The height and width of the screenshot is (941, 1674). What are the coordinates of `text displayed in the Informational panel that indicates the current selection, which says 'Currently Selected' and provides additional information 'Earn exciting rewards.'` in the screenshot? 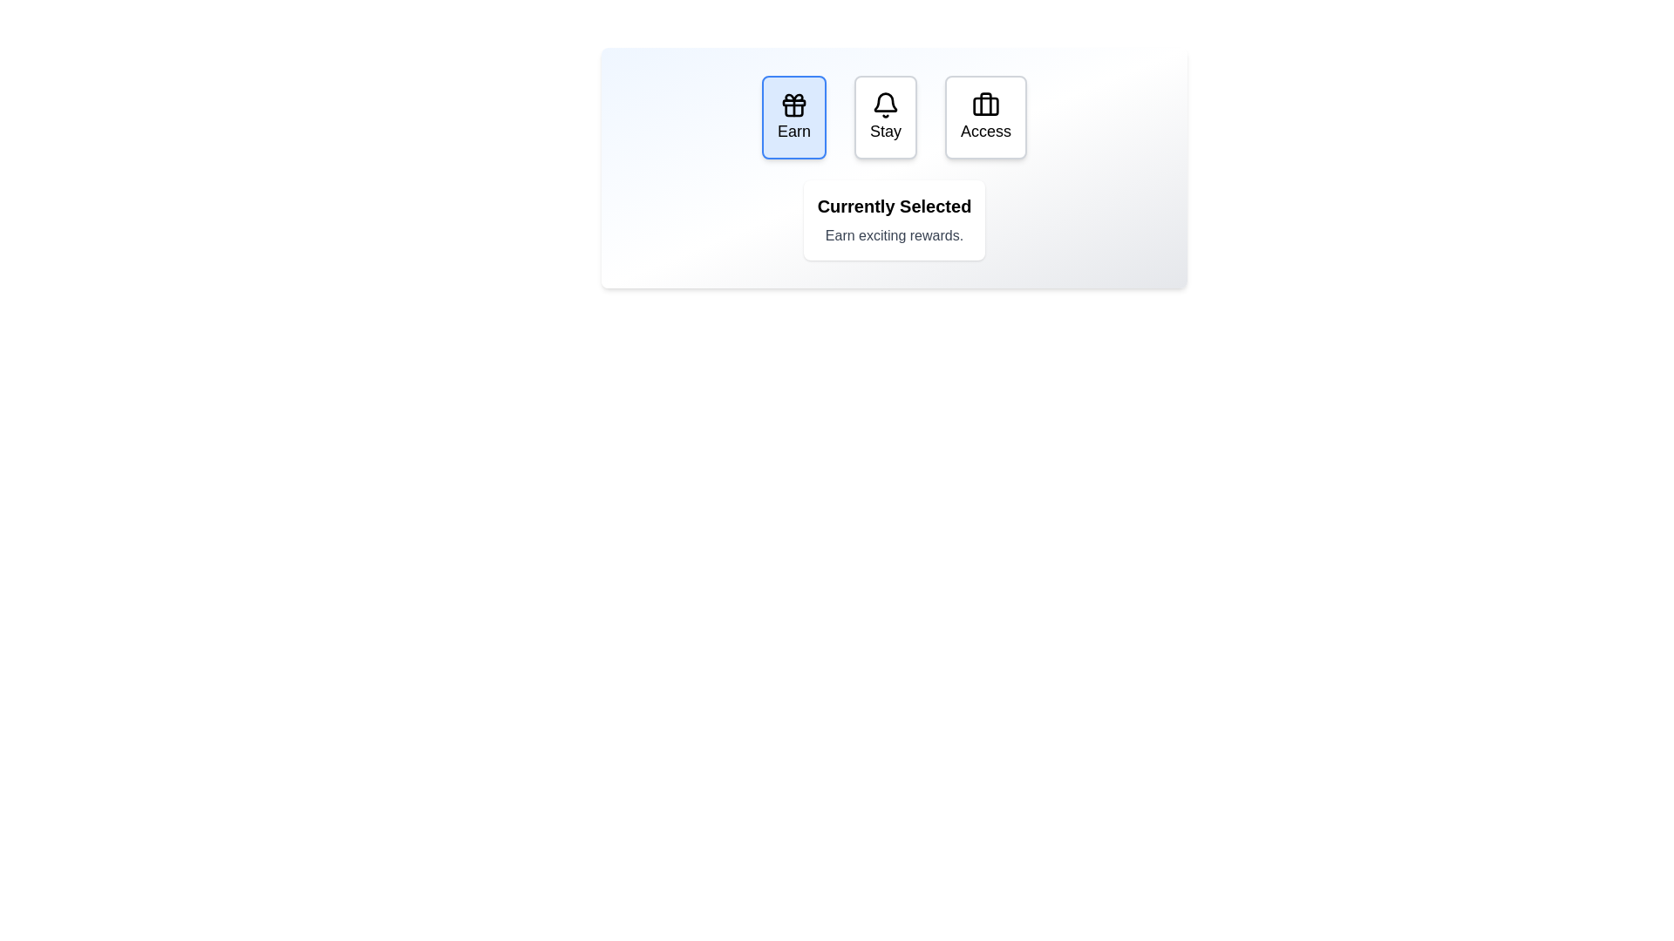 It's located at (895, 220).